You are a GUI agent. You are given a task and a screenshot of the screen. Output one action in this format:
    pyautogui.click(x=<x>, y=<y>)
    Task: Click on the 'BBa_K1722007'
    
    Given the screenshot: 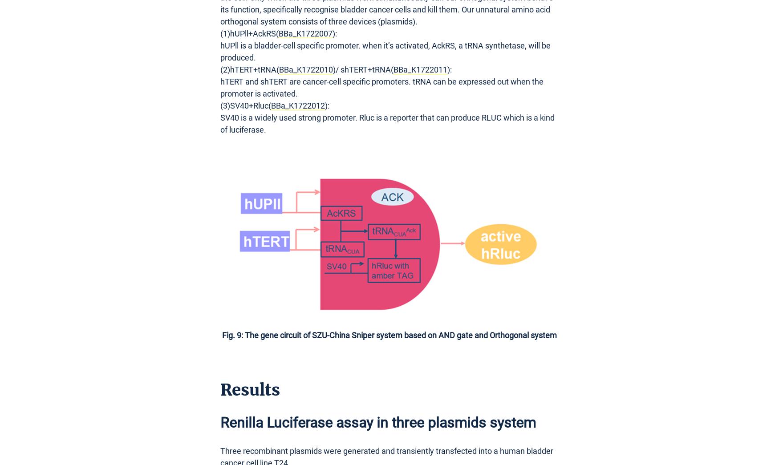 What is the action you would take?
    pyautogui.click(x=305, y=33)
    